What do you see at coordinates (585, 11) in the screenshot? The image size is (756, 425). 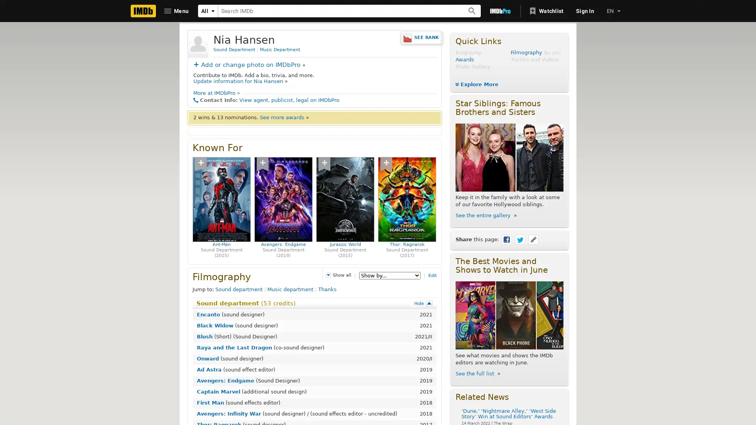 I see `Sign In` at bounding box center [585, 11].